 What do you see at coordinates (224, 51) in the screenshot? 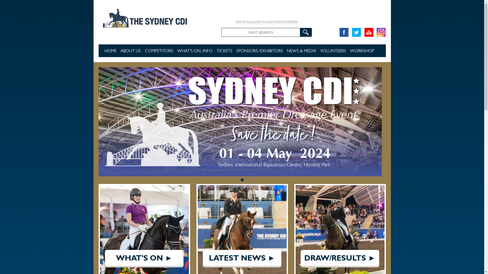
I see `'TICKETS'` at bounding box center [224, 51].